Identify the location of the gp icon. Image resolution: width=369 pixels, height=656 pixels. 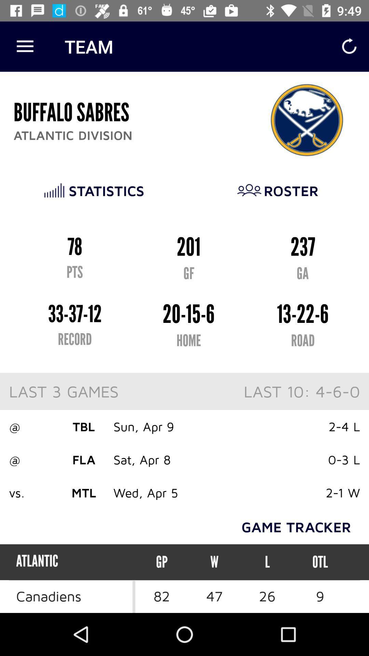
(162, 562).